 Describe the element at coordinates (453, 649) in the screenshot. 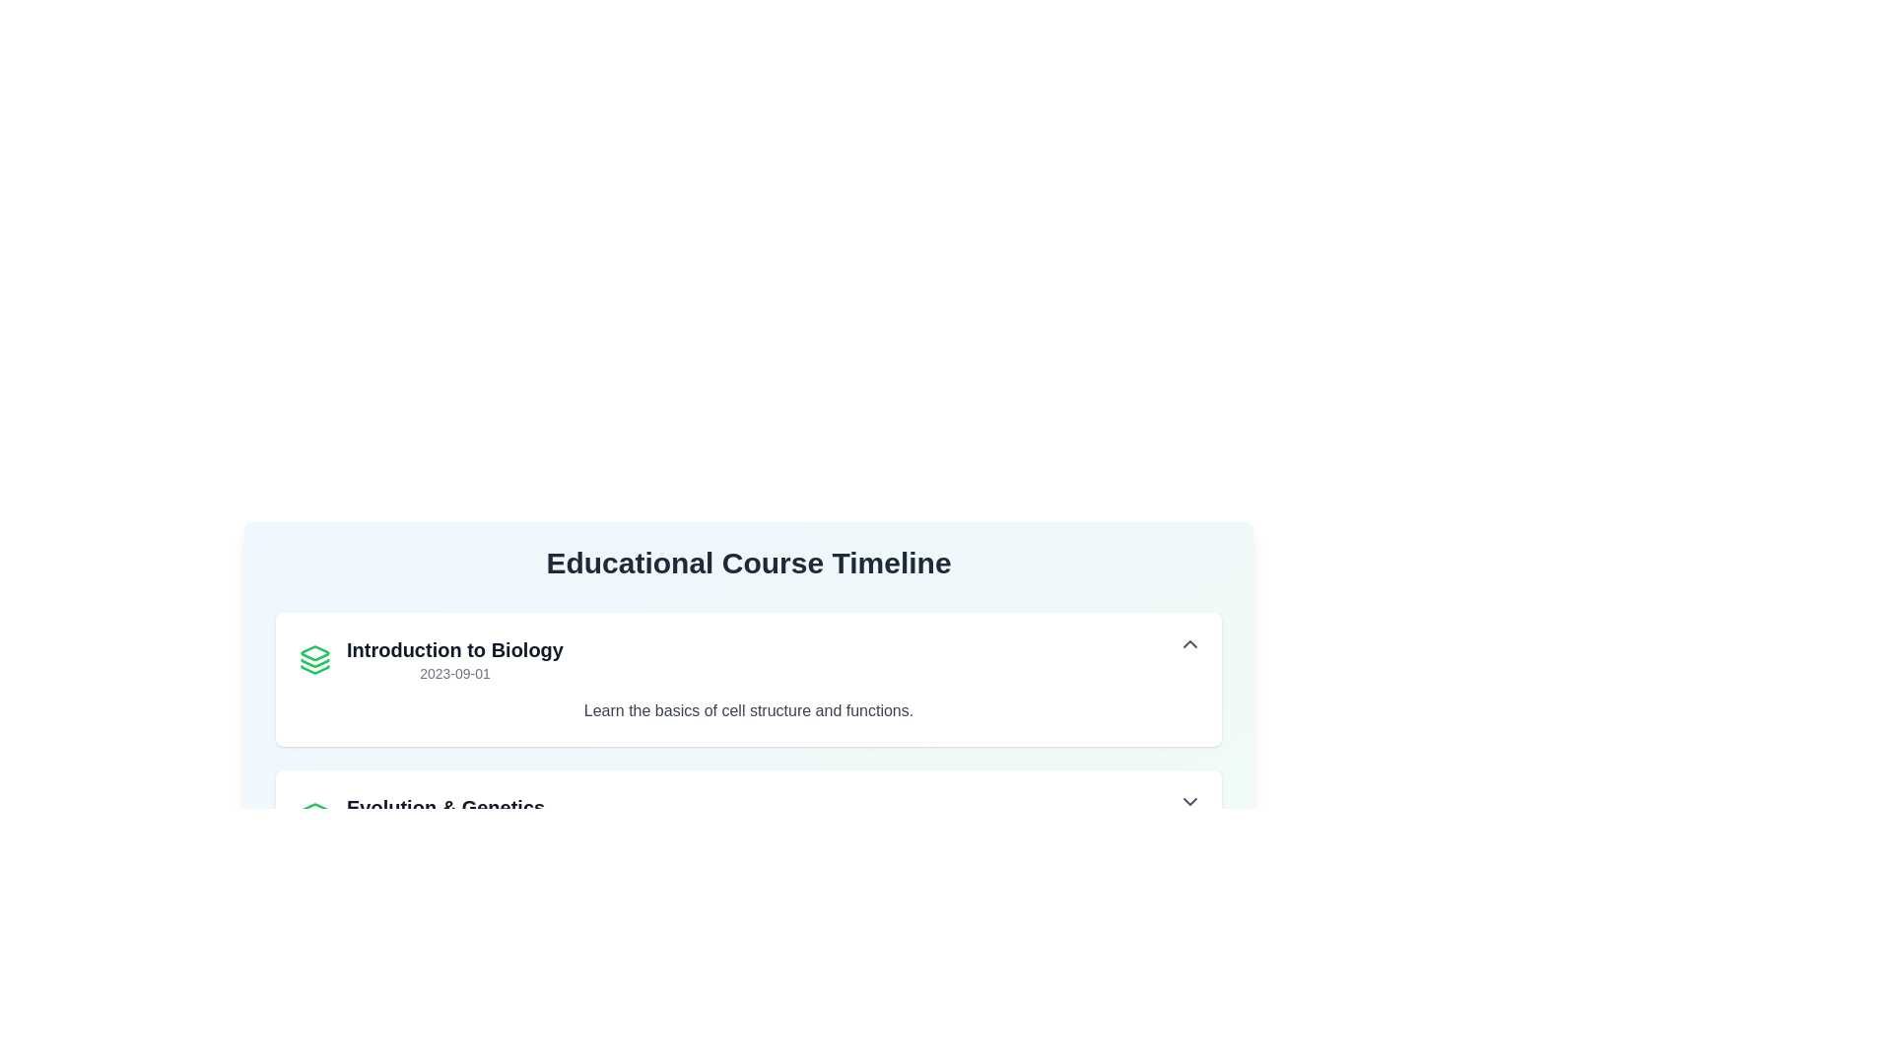

I see `the text header 'Introduction to Biology' which is styled in bold and large font, located in the top-left region of its card-like layout` at that location.